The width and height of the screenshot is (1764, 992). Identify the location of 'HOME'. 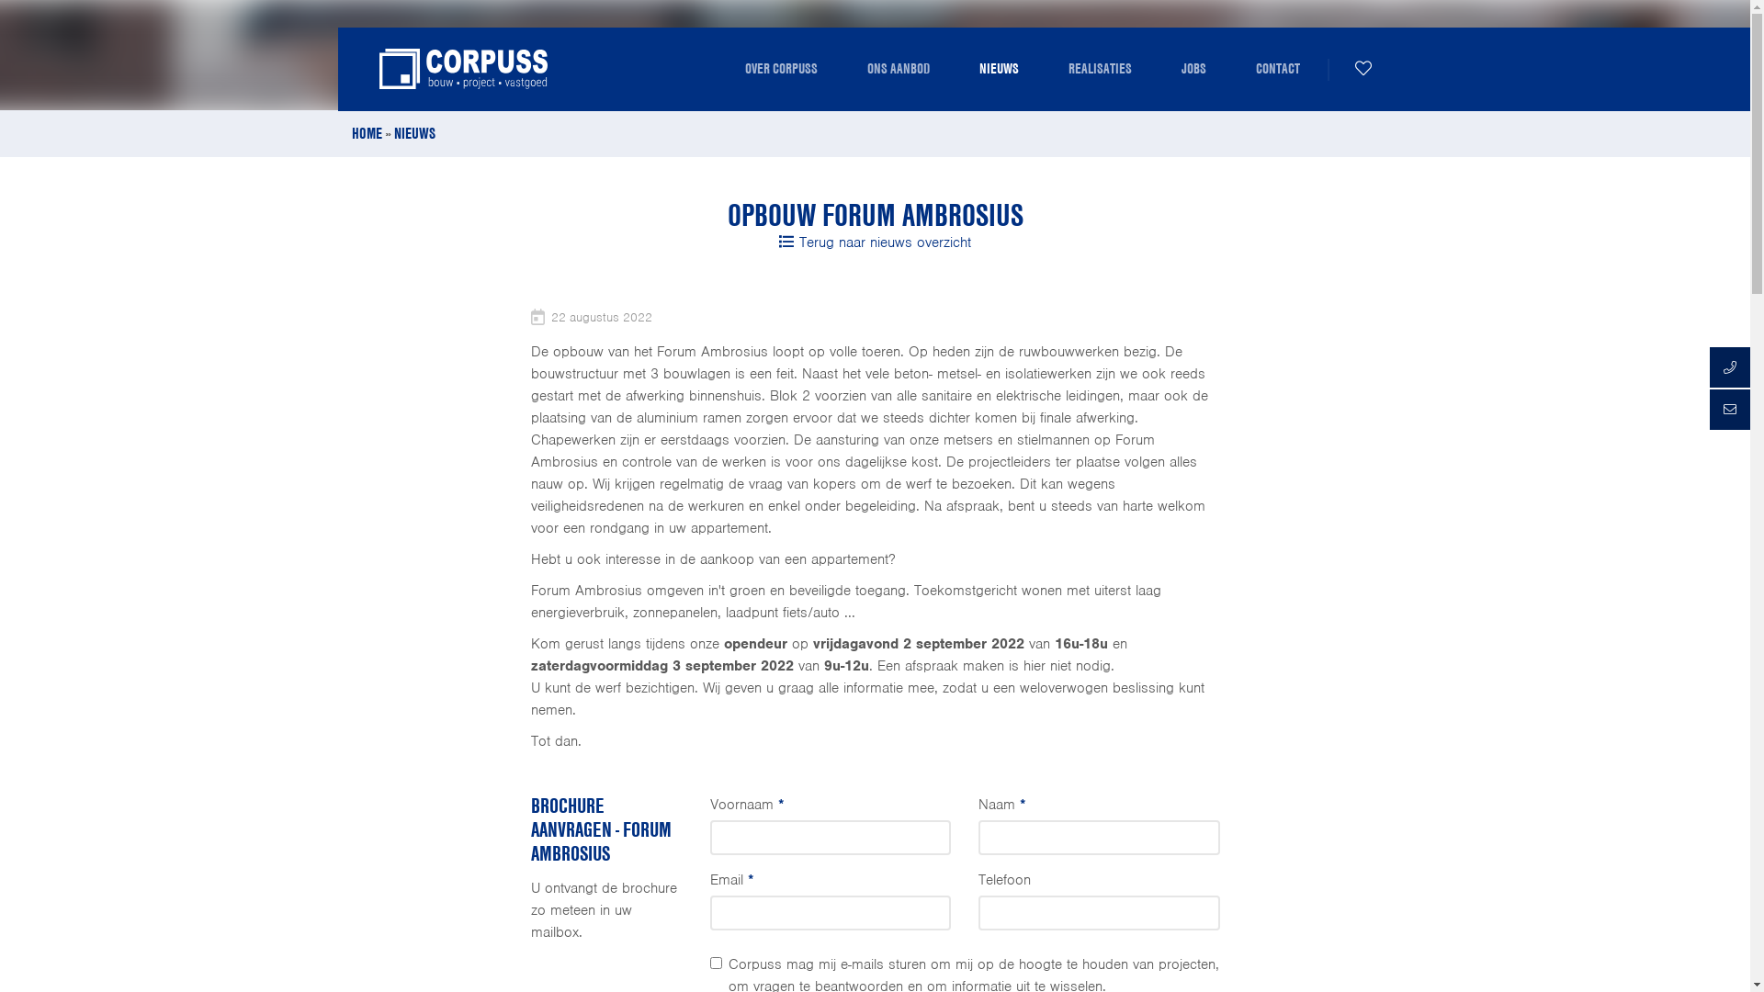
(366, 132).